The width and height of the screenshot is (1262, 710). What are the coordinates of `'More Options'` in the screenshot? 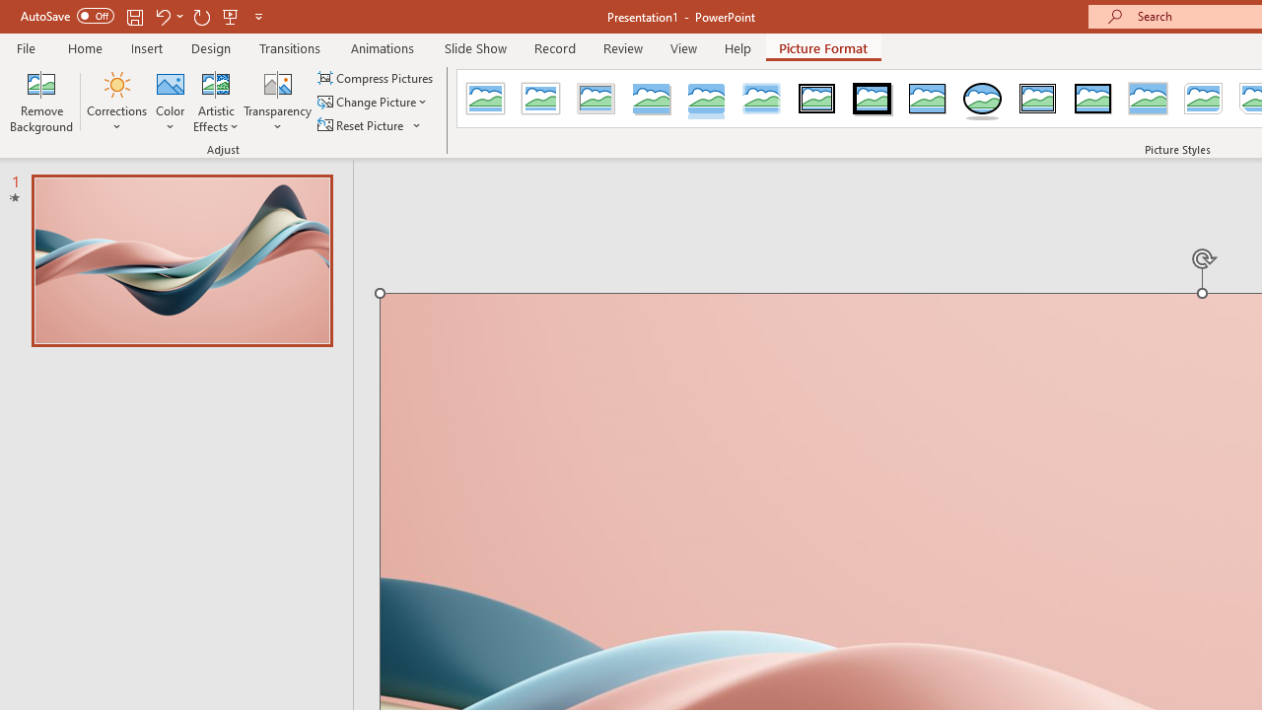 It's located at (417, 125).